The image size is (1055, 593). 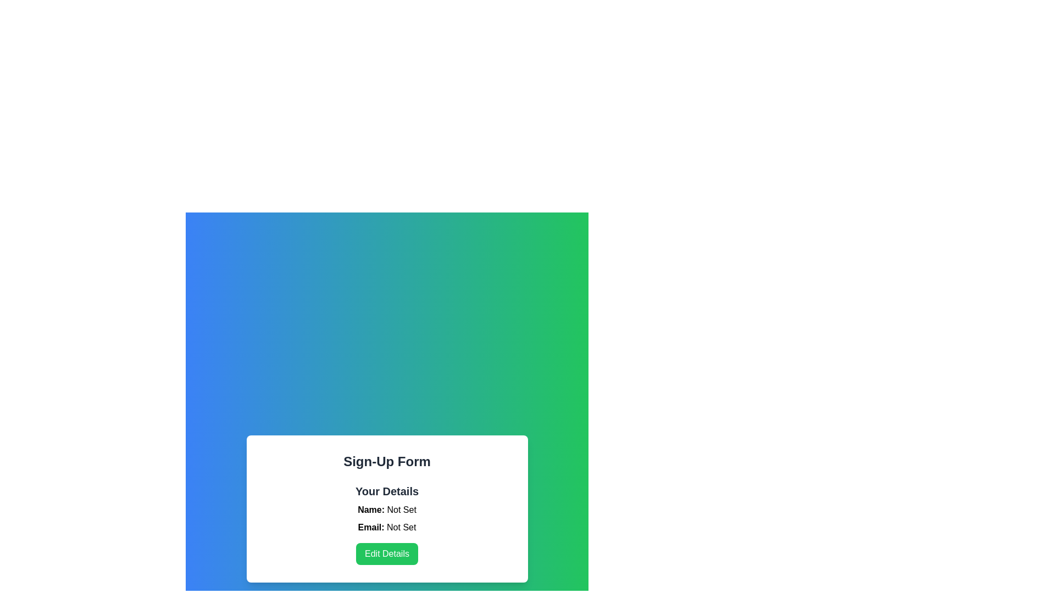 What do you see at coordinates (387, 461) in the screenshot?
I see `the bold, centered, large-sized text label 'Sign-Up Form' styled in dark gray, located at the top of the white rectangular form area` at bounding box center [387, 461].